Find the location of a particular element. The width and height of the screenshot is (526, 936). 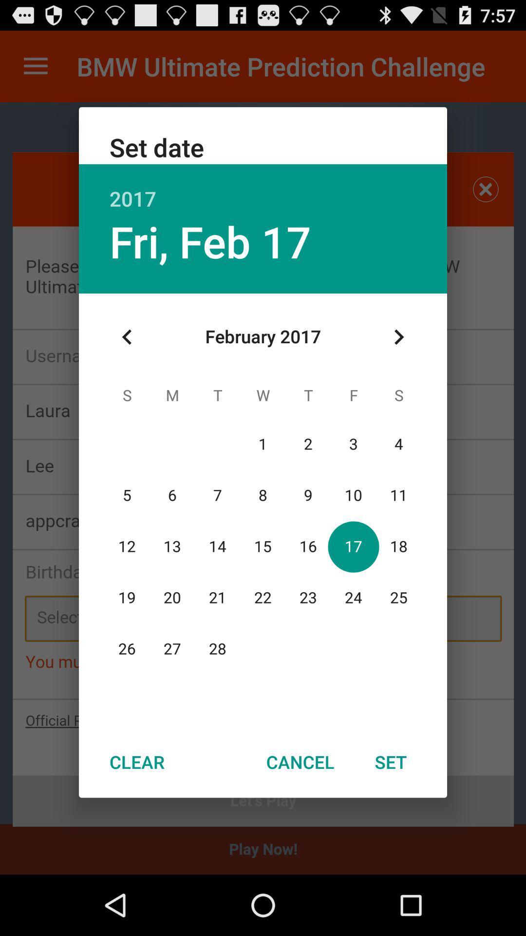

the clear is located at coordinates (137, 761).